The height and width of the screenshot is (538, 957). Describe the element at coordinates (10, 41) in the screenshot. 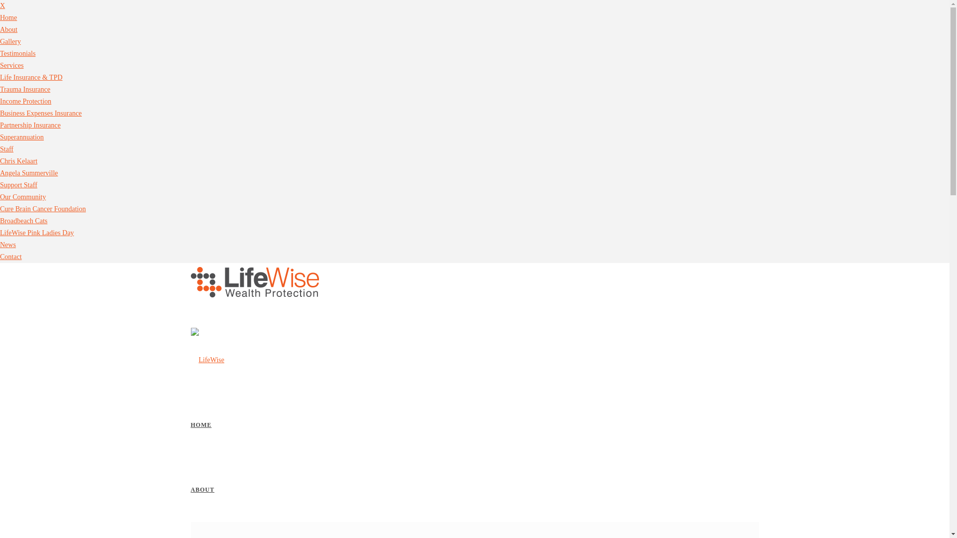

I see `'Gallery'` at that location.